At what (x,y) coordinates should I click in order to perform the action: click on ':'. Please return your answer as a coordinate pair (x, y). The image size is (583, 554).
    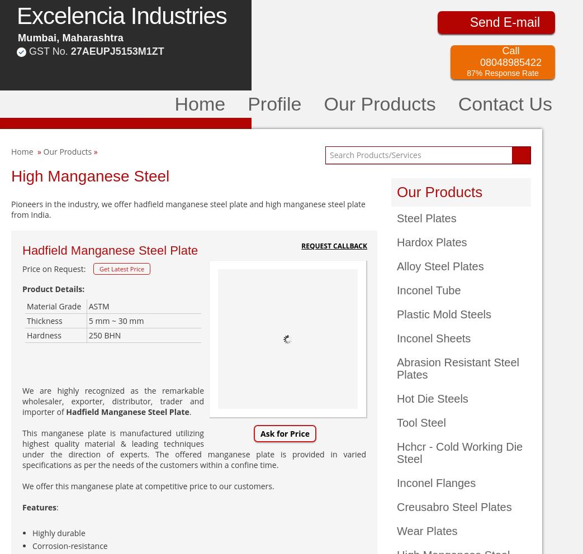
    Looking at the image, I should click on (56, 507).